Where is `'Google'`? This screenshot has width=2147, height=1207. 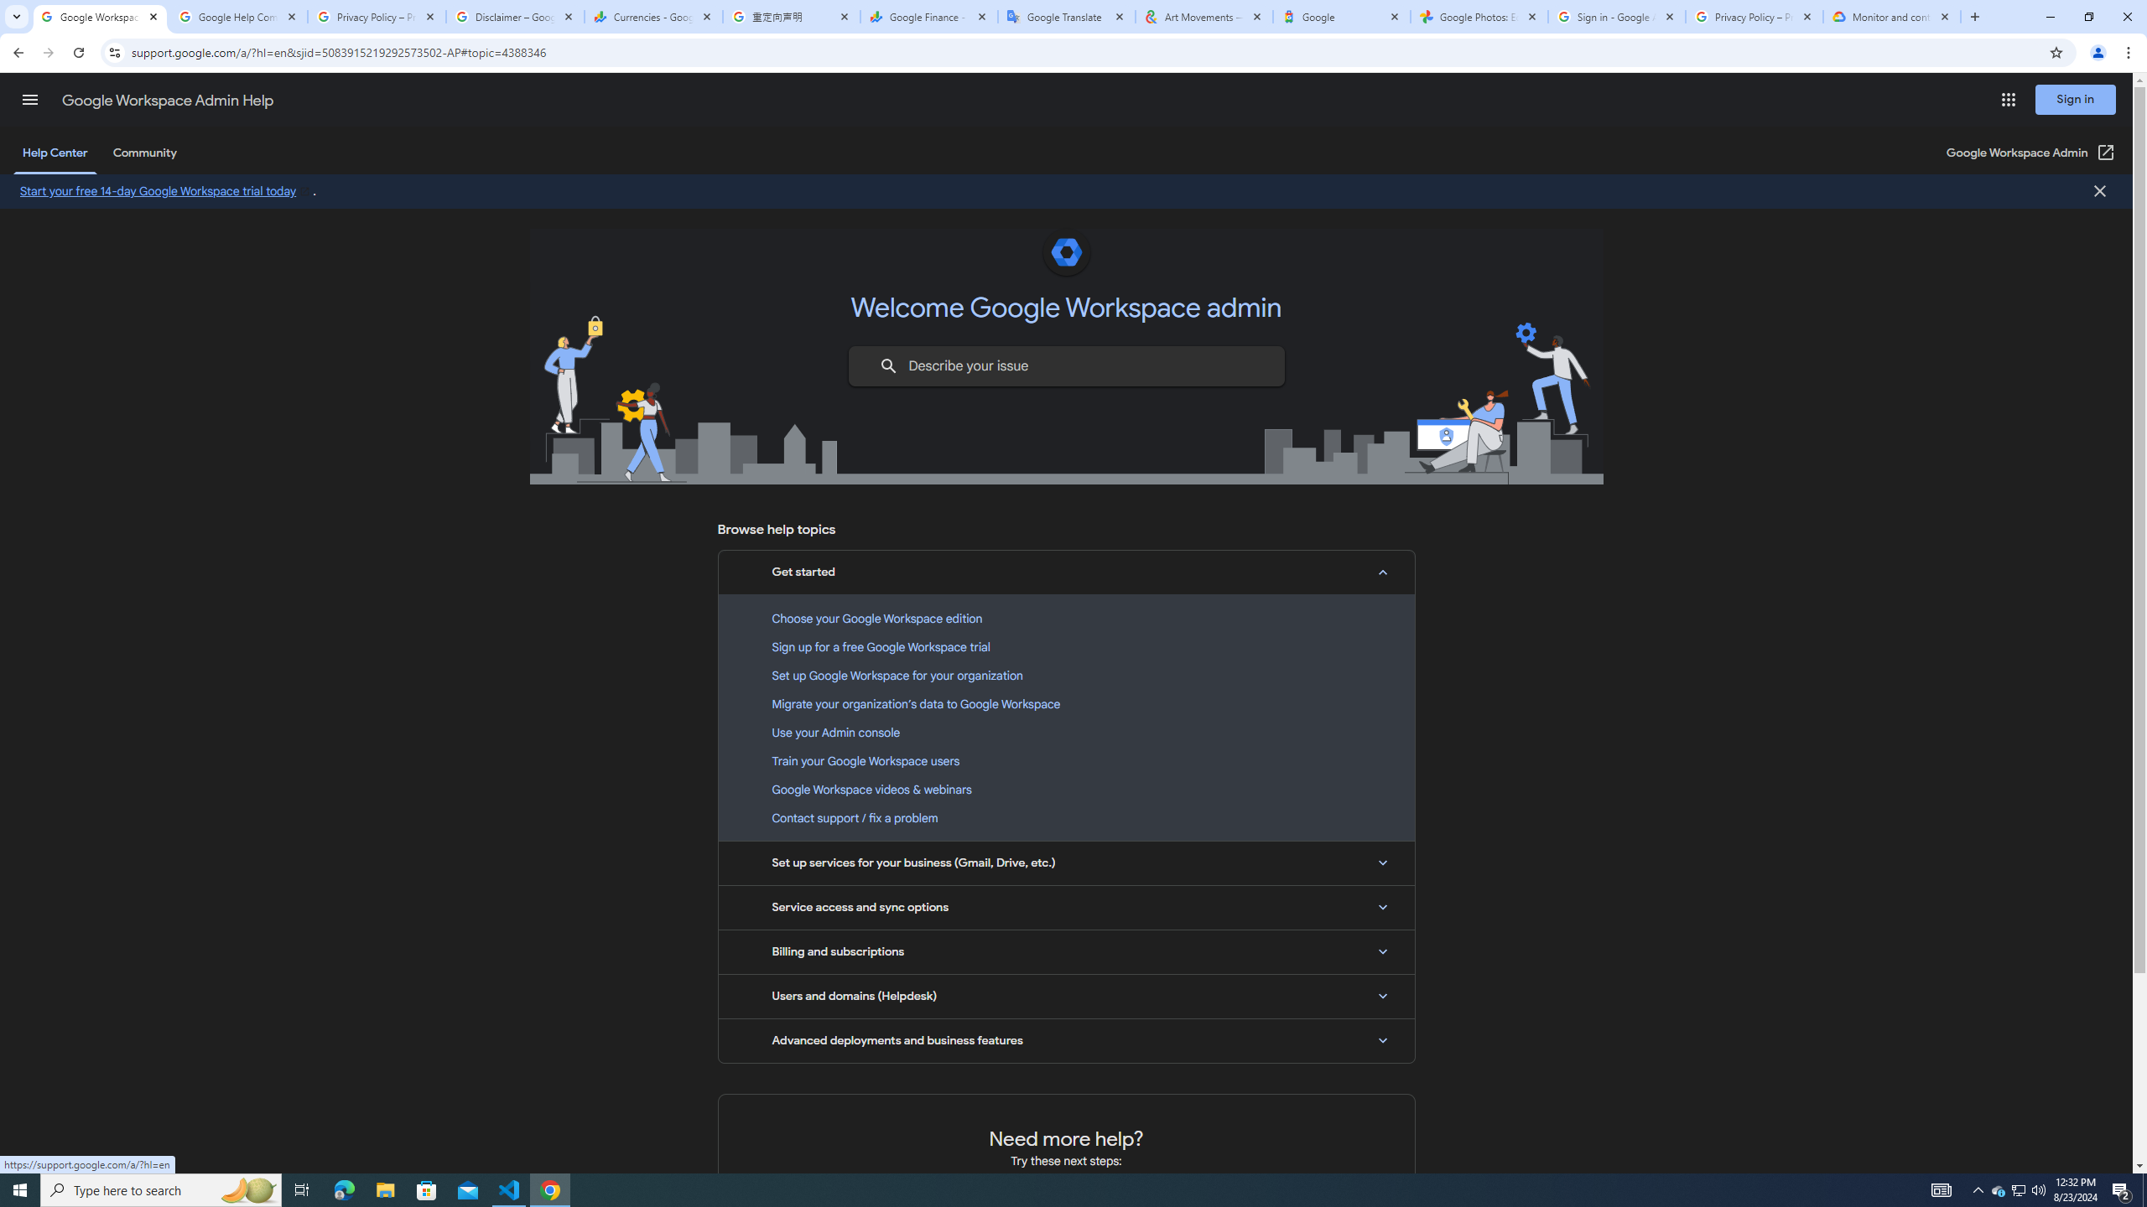 'Google' is located at coordinates (1341, 16).